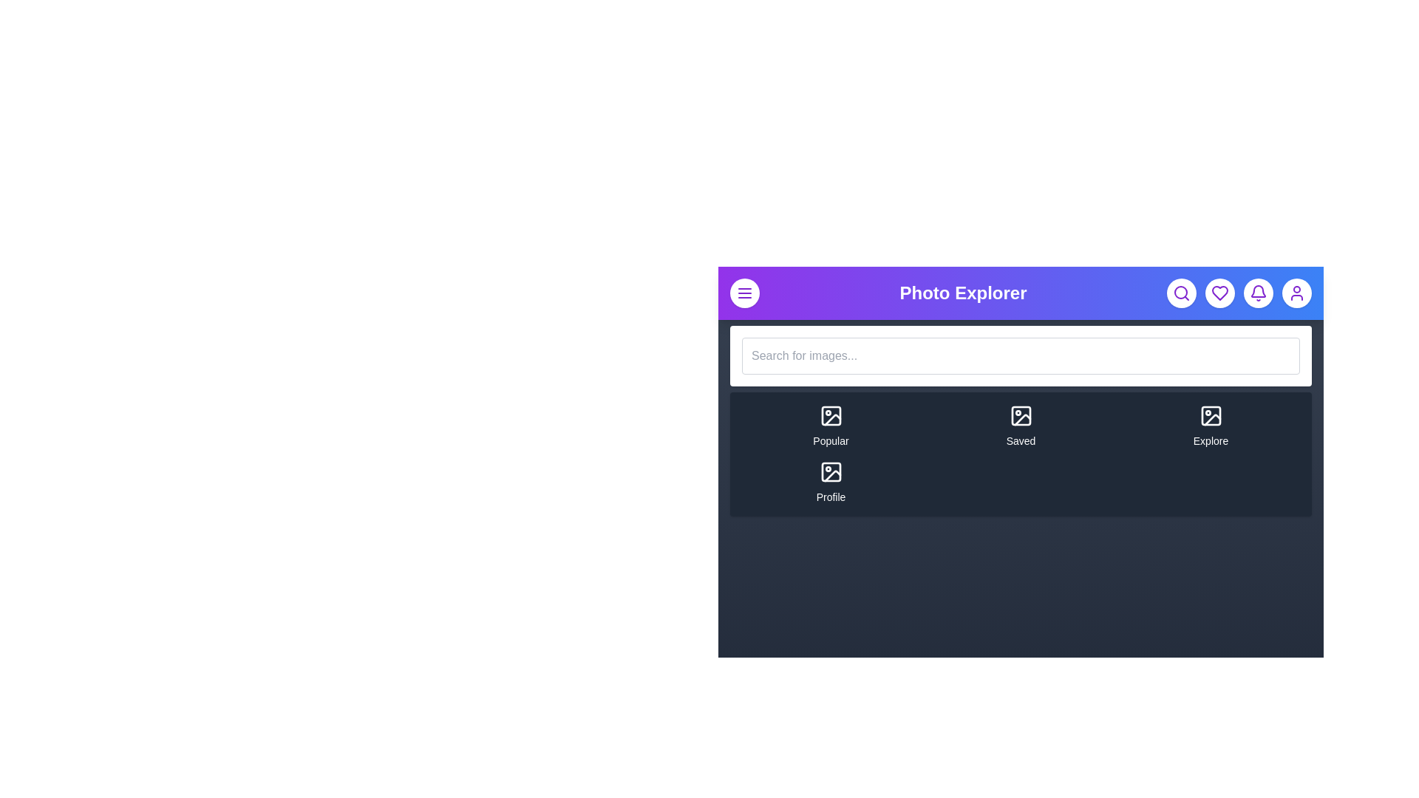  Describe the element at coordinates (1020, 426) in the screenshot. I see `the navigation item Saved` at that location.